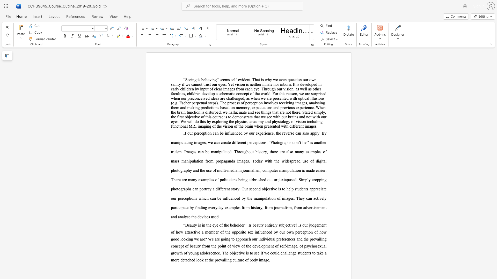 The image size is (497, 279). I want to click on the subset text "on can be influenced by our experience, the reverse can also apply. By manipulating images, we can create different perceptions. “Photographs don’t lie." within the text "If our perception can be influenced by our experience, the reverse can also apply. By manipulating images, we can create different perceptions. “Photographs don’t lie.", so click(207, 133).